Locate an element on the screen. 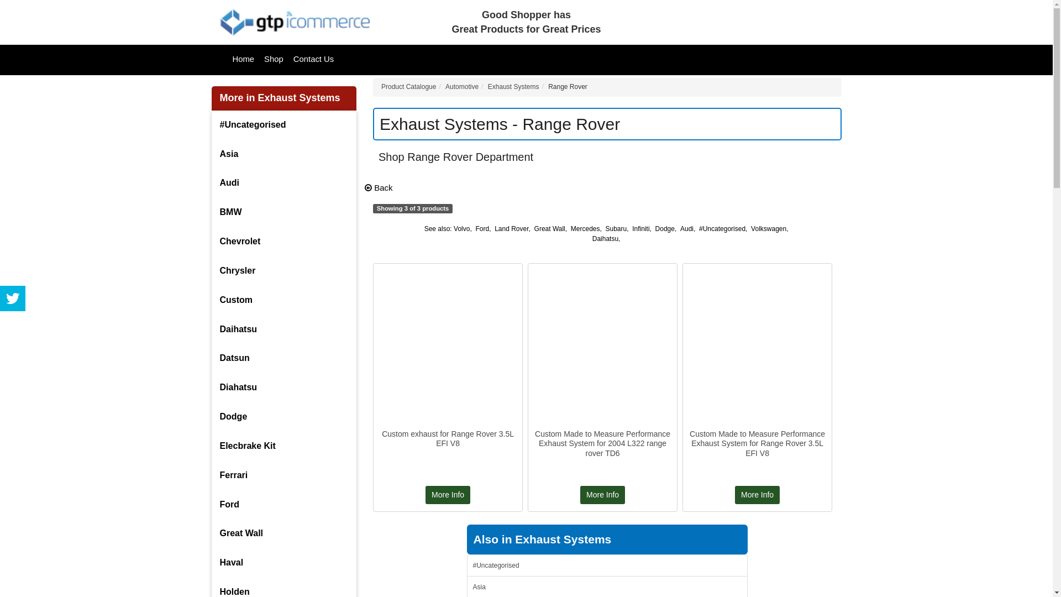 This screenshot has height=597, width=1061. 'Diahatsu' is located at coordinates (283, 387).